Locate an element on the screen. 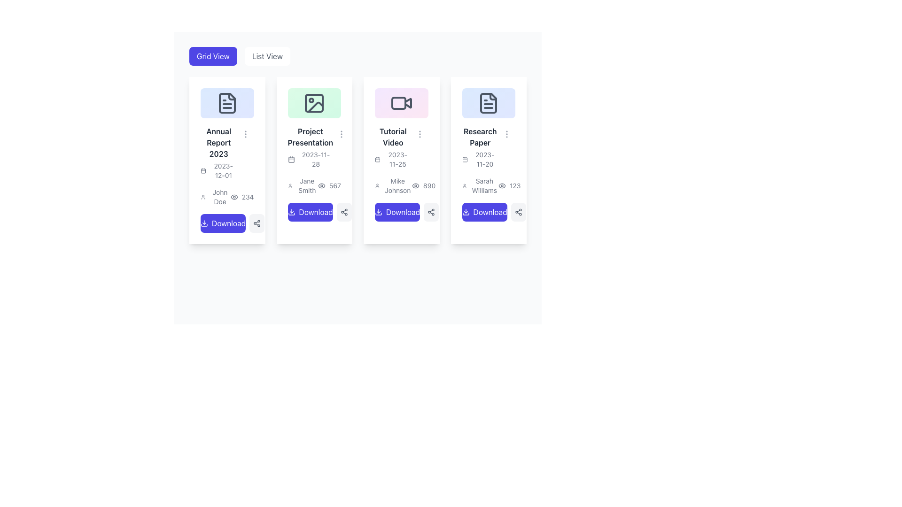  the date information displayed in the composite element consisting of an icon and text, located beneath the title 'Project Presentation' within the second card of a horizontal list is located at coordinates (310, 159).